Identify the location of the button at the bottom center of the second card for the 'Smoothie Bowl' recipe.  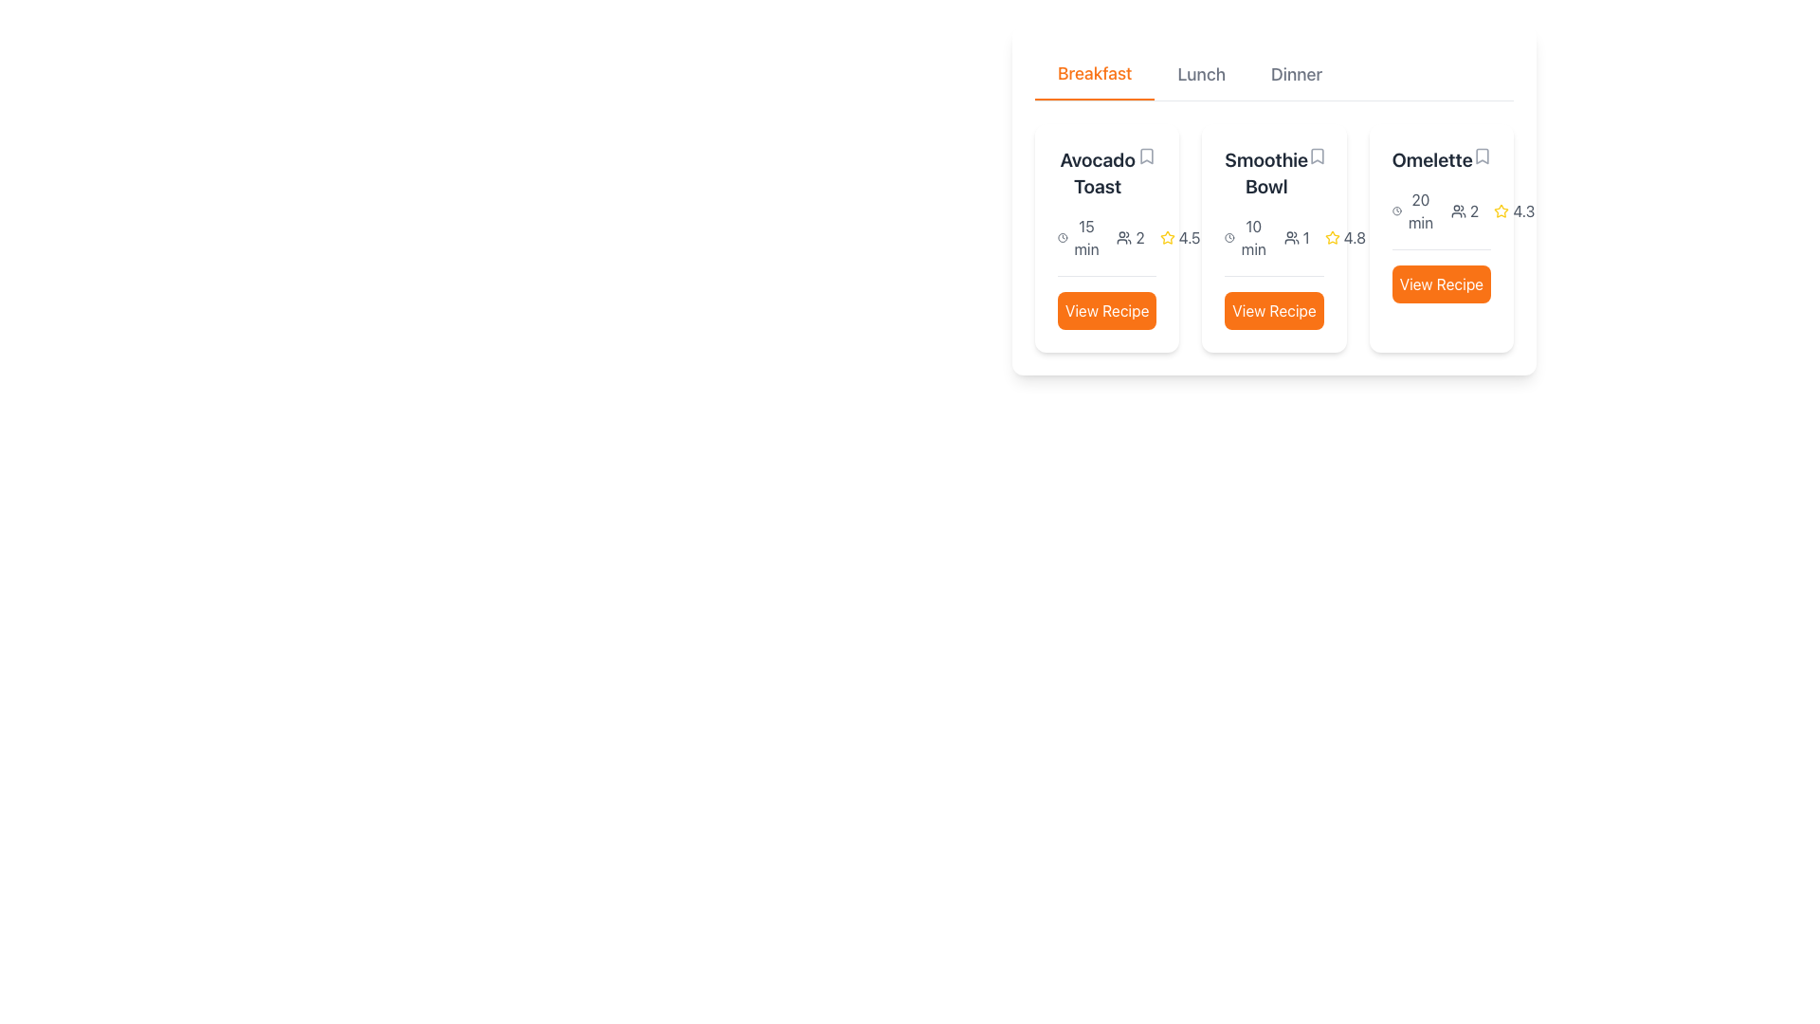
(1274, 302).